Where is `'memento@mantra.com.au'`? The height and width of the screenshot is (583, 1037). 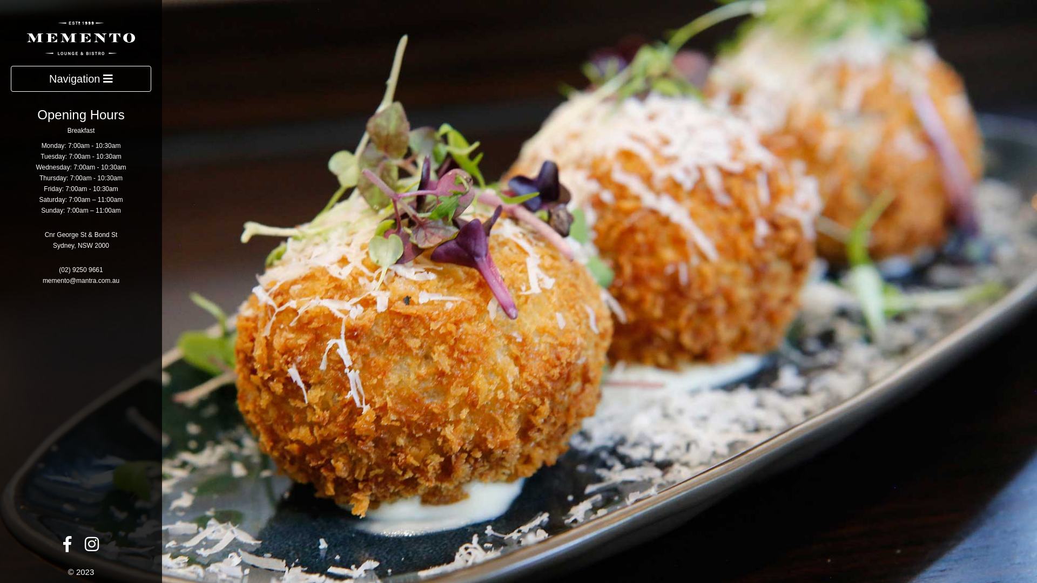
'memento@mantra.com.au' is located at coordinates (80, 280).